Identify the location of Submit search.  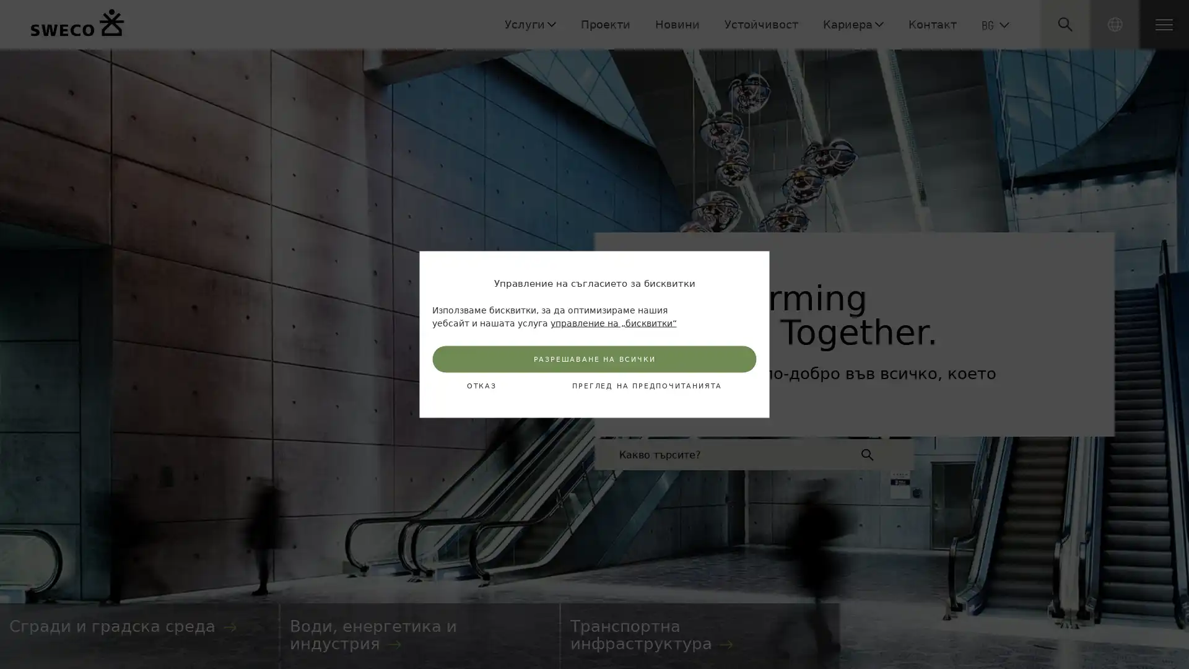
(867, 454).